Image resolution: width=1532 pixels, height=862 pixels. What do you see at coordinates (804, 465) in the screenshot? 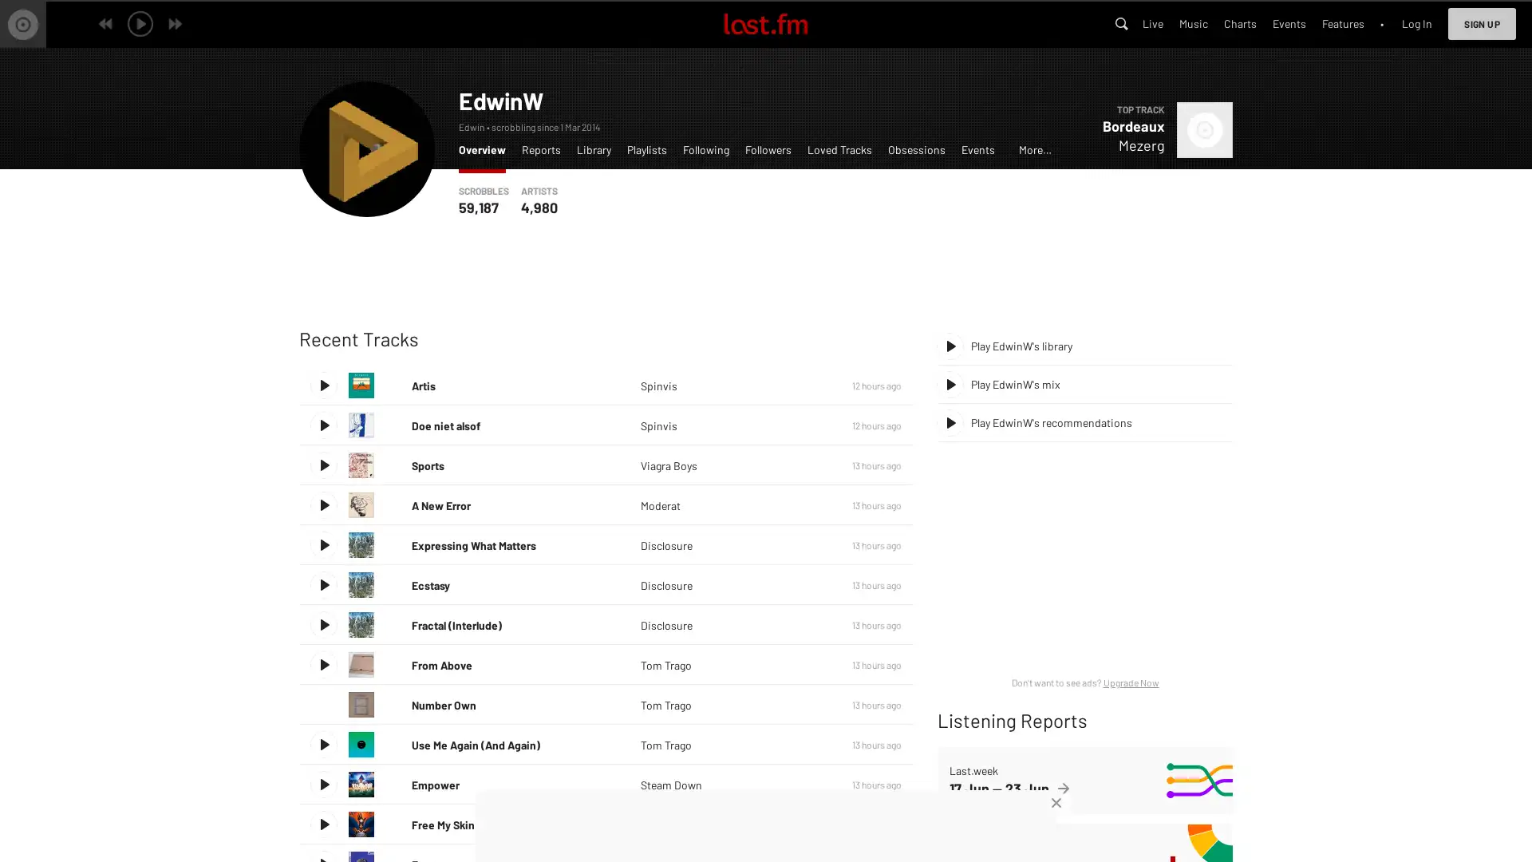
I see `Buy` at bounding box center [804, 465].